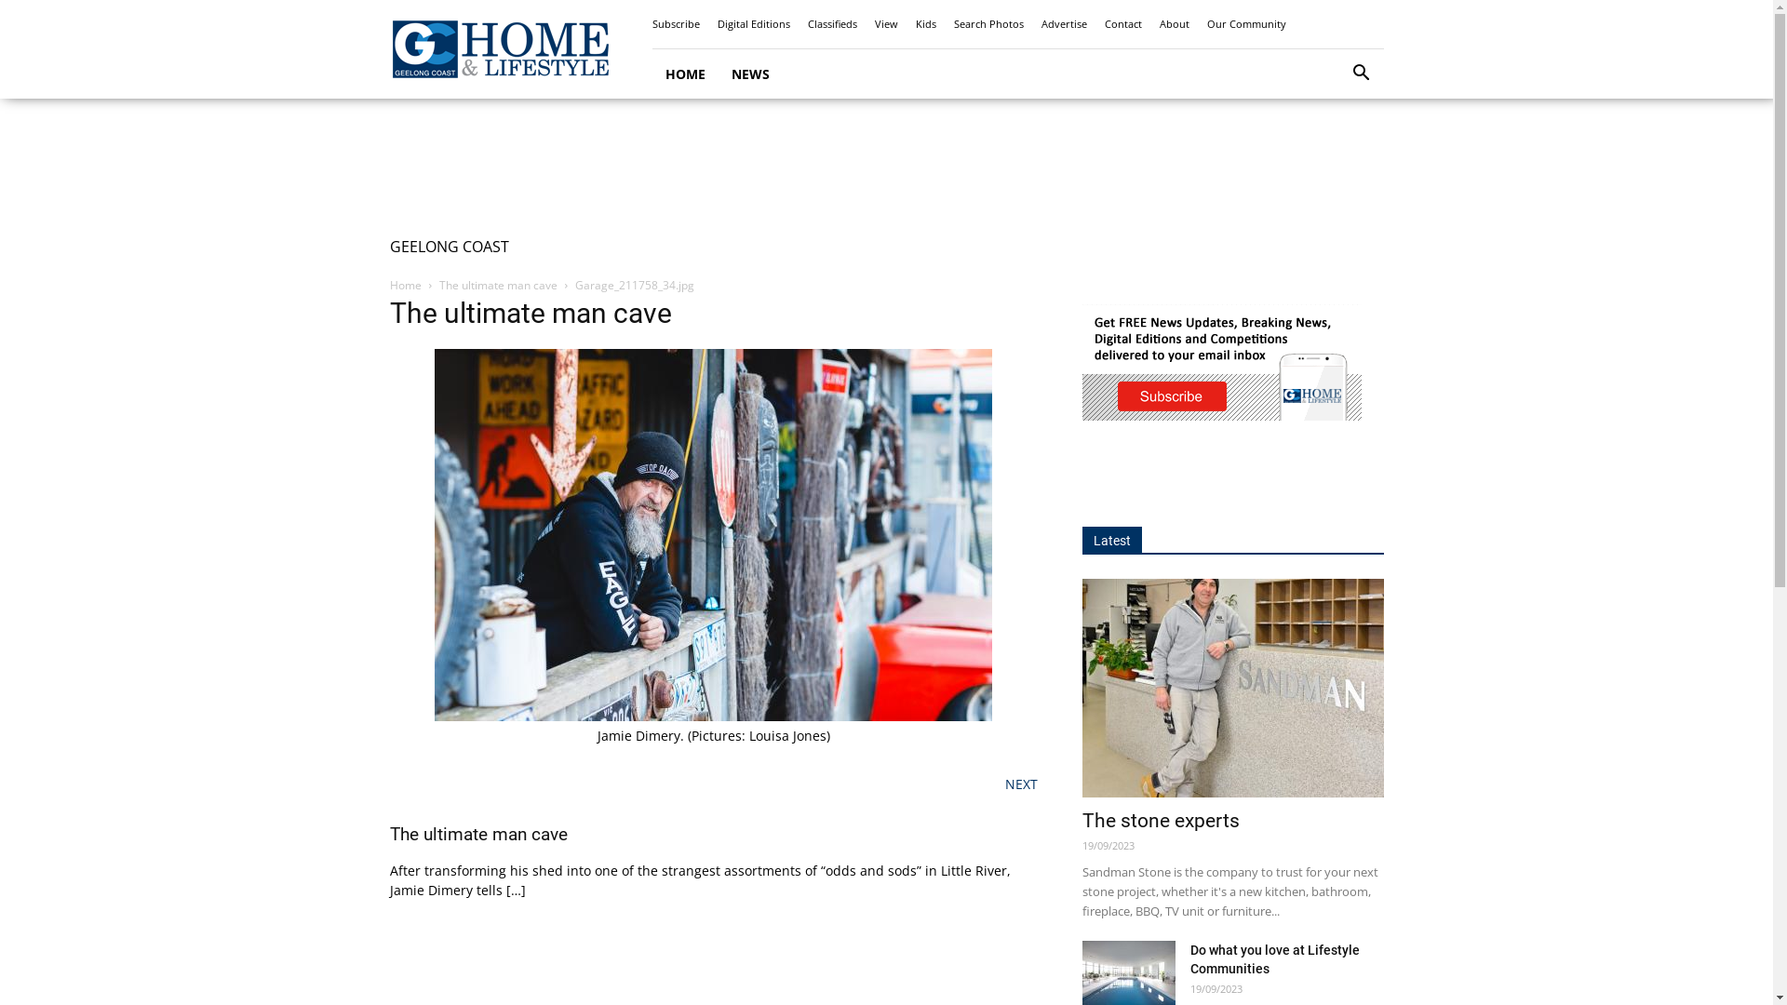 This screenshot has height=1005, width=1787. What do you see at coordinates (1232, 688) in the screenshot?
I see `'The stone experts'` at bounding box center [1232, 688].